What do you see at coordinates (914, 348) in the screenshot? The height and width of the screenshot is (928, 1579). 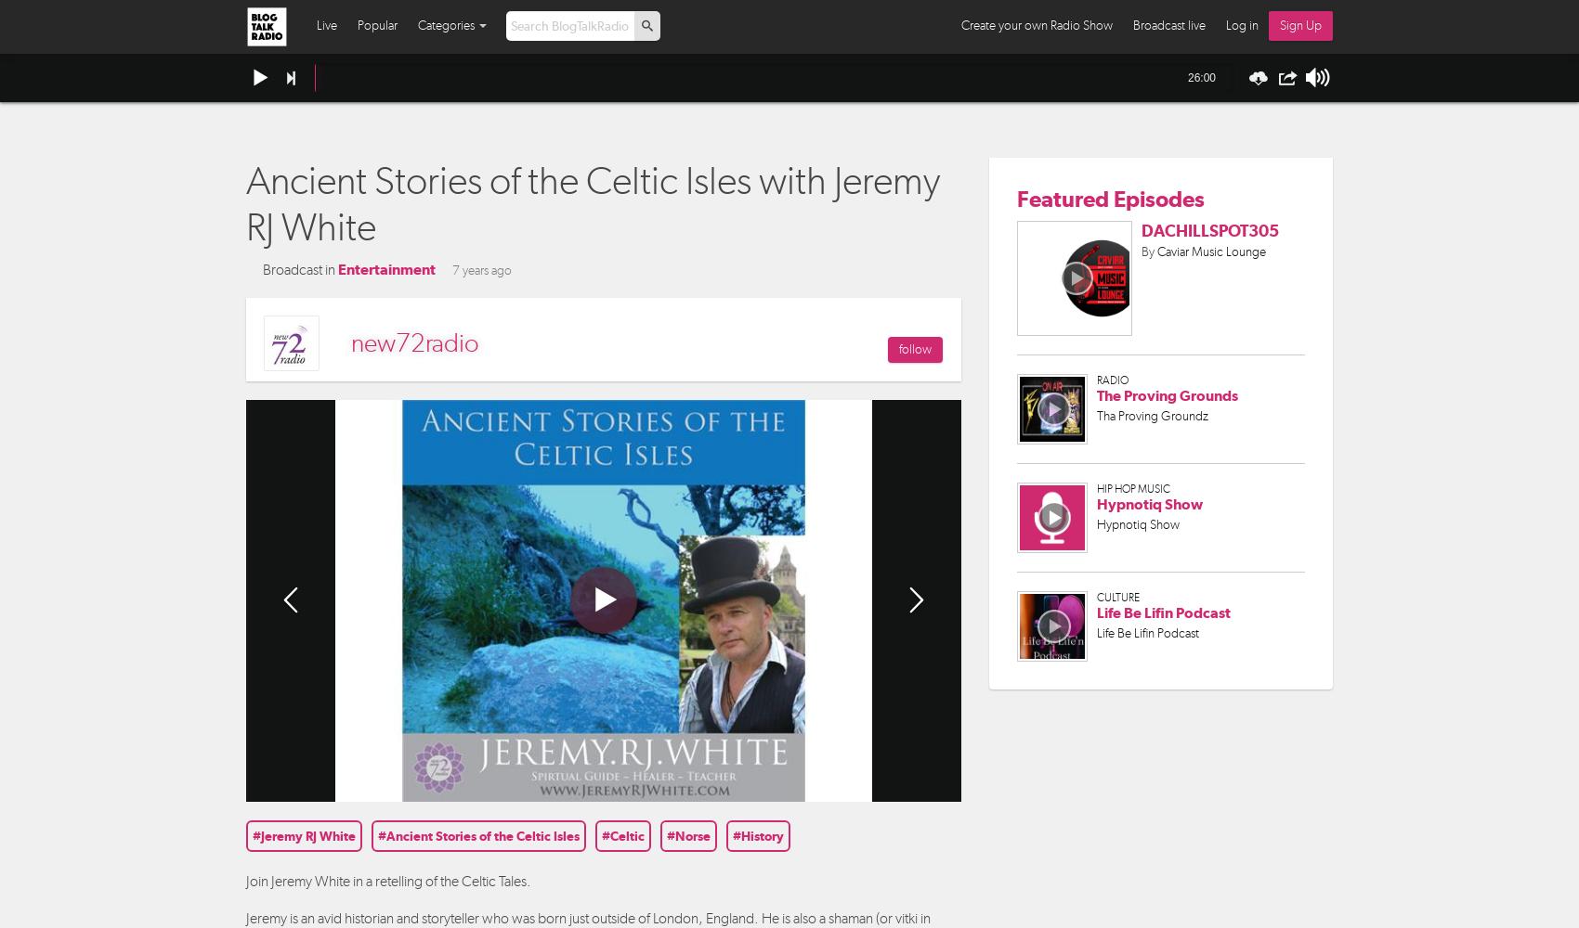 I see `'follow'` at bounding box center [914, 348].